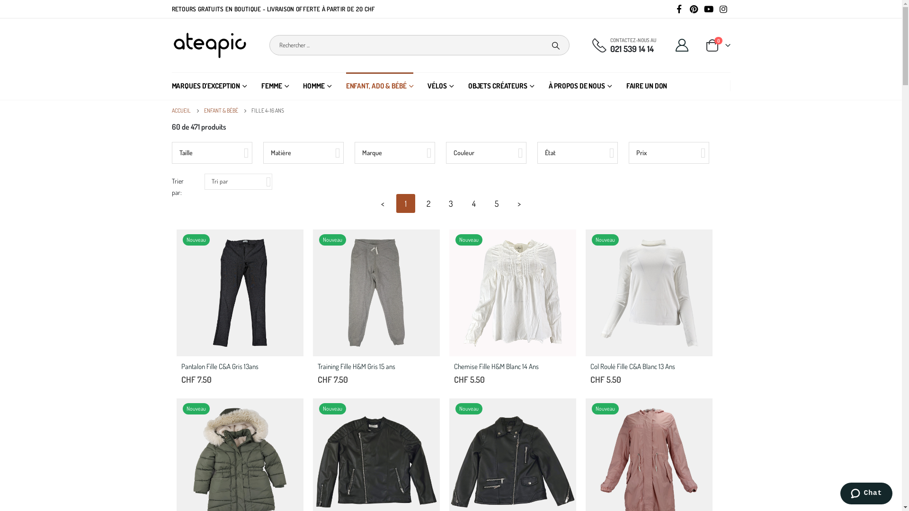 This screenshot has width=909, height=511. I want to click on 'ACCUEIL', so click(171, 110).